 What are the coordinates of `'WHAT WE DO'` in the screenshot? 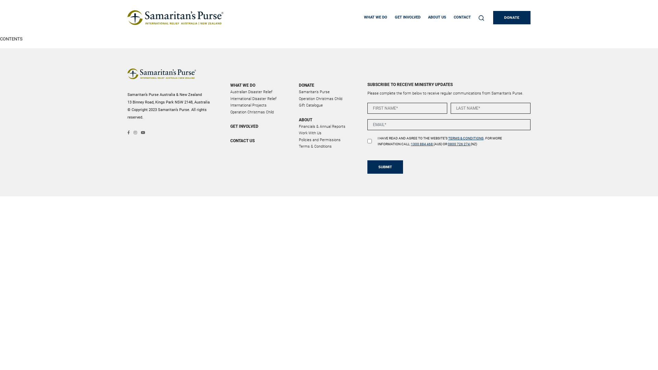 It's located at (260, 85).